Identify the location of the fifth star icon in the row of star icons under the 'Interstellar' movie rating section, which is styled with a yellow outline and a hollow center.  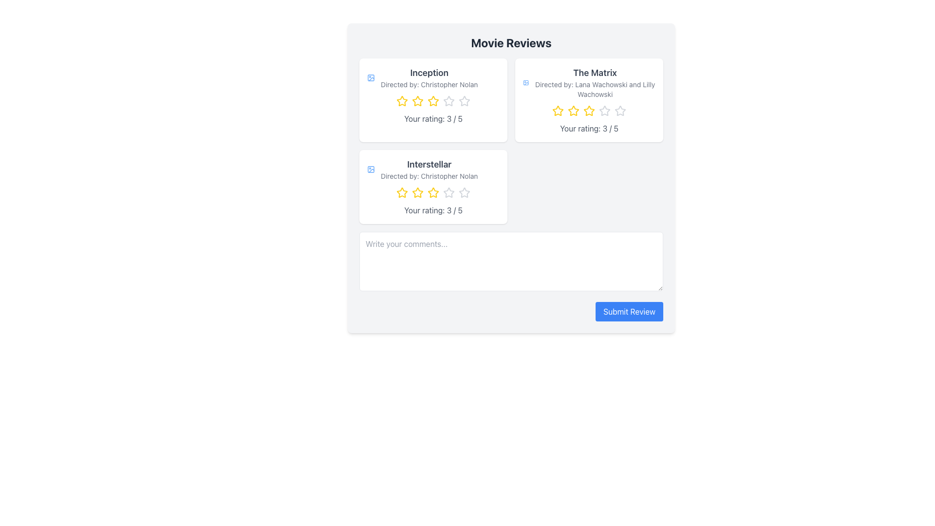
(432, 193).